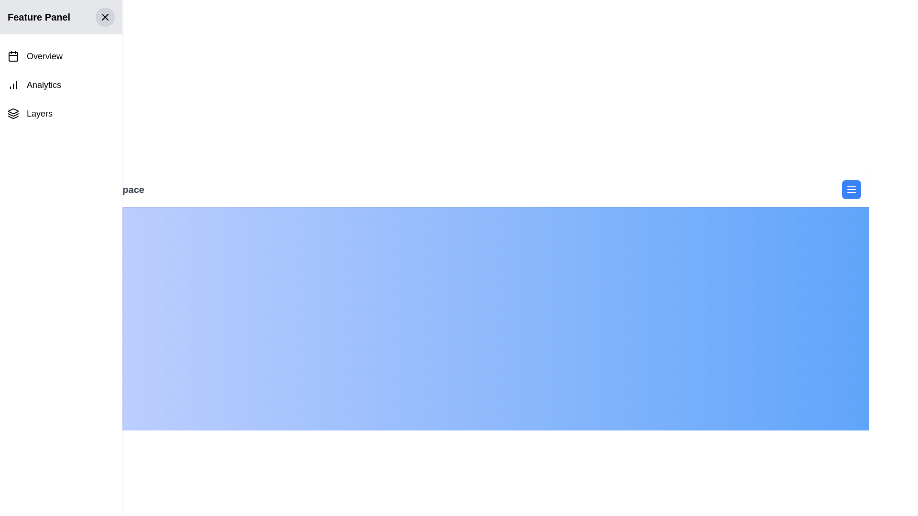 Image resolution: width=918 pixels, height=516 pixels. Describe the element at coordinates (105, 17) in the screenshot. I see `the circular gray button with a black 'X' icon located in the top-right corner of the 'Feature Panel' header, adjacent to the text label 'Feature Panel'` at that location.